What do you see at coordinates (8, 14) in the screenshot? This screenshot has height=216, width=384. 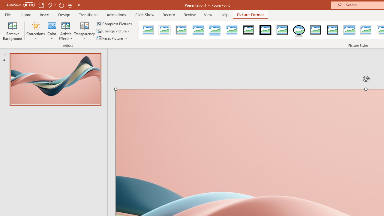 I see `'File Tab'` at bounding box center [8, 14].